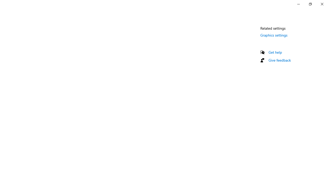 The image size is (328, 184). I want to click on 'Minimize Settings', so click(298, 4).